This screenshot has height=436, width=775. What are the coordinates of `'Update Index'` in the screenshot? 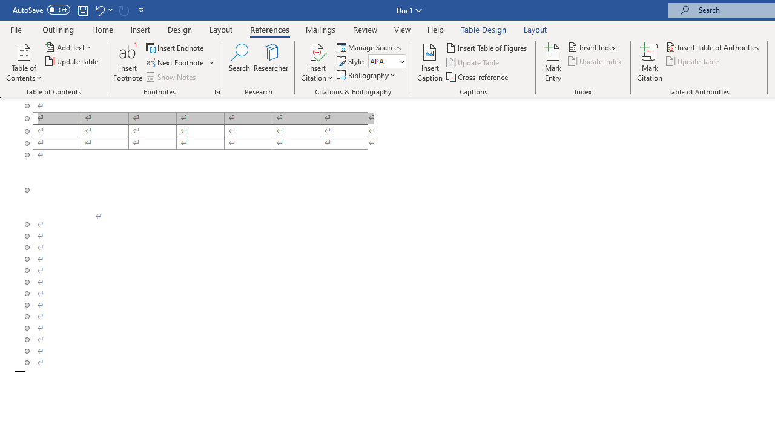 It's located at (596, 61).